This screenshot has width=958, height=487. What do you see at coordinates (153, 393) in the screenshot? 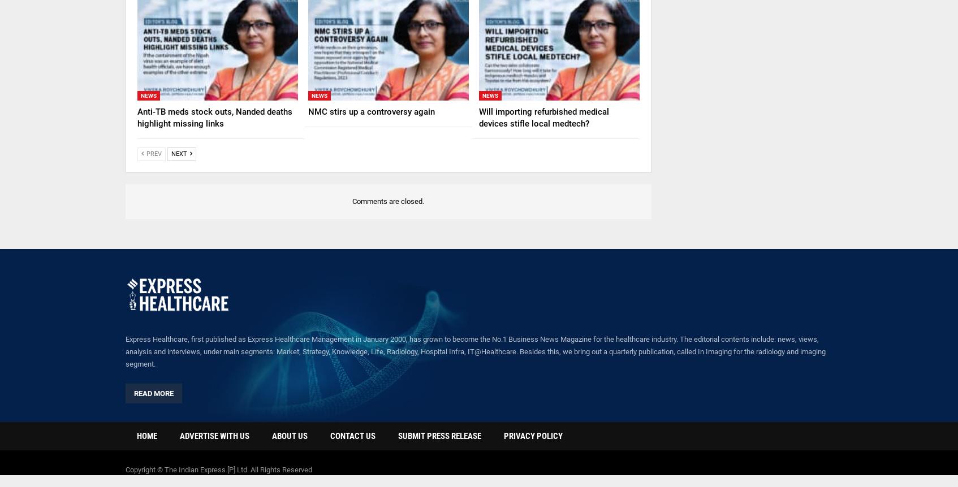
I see `'Read More'` at bounding box center [153, 393].